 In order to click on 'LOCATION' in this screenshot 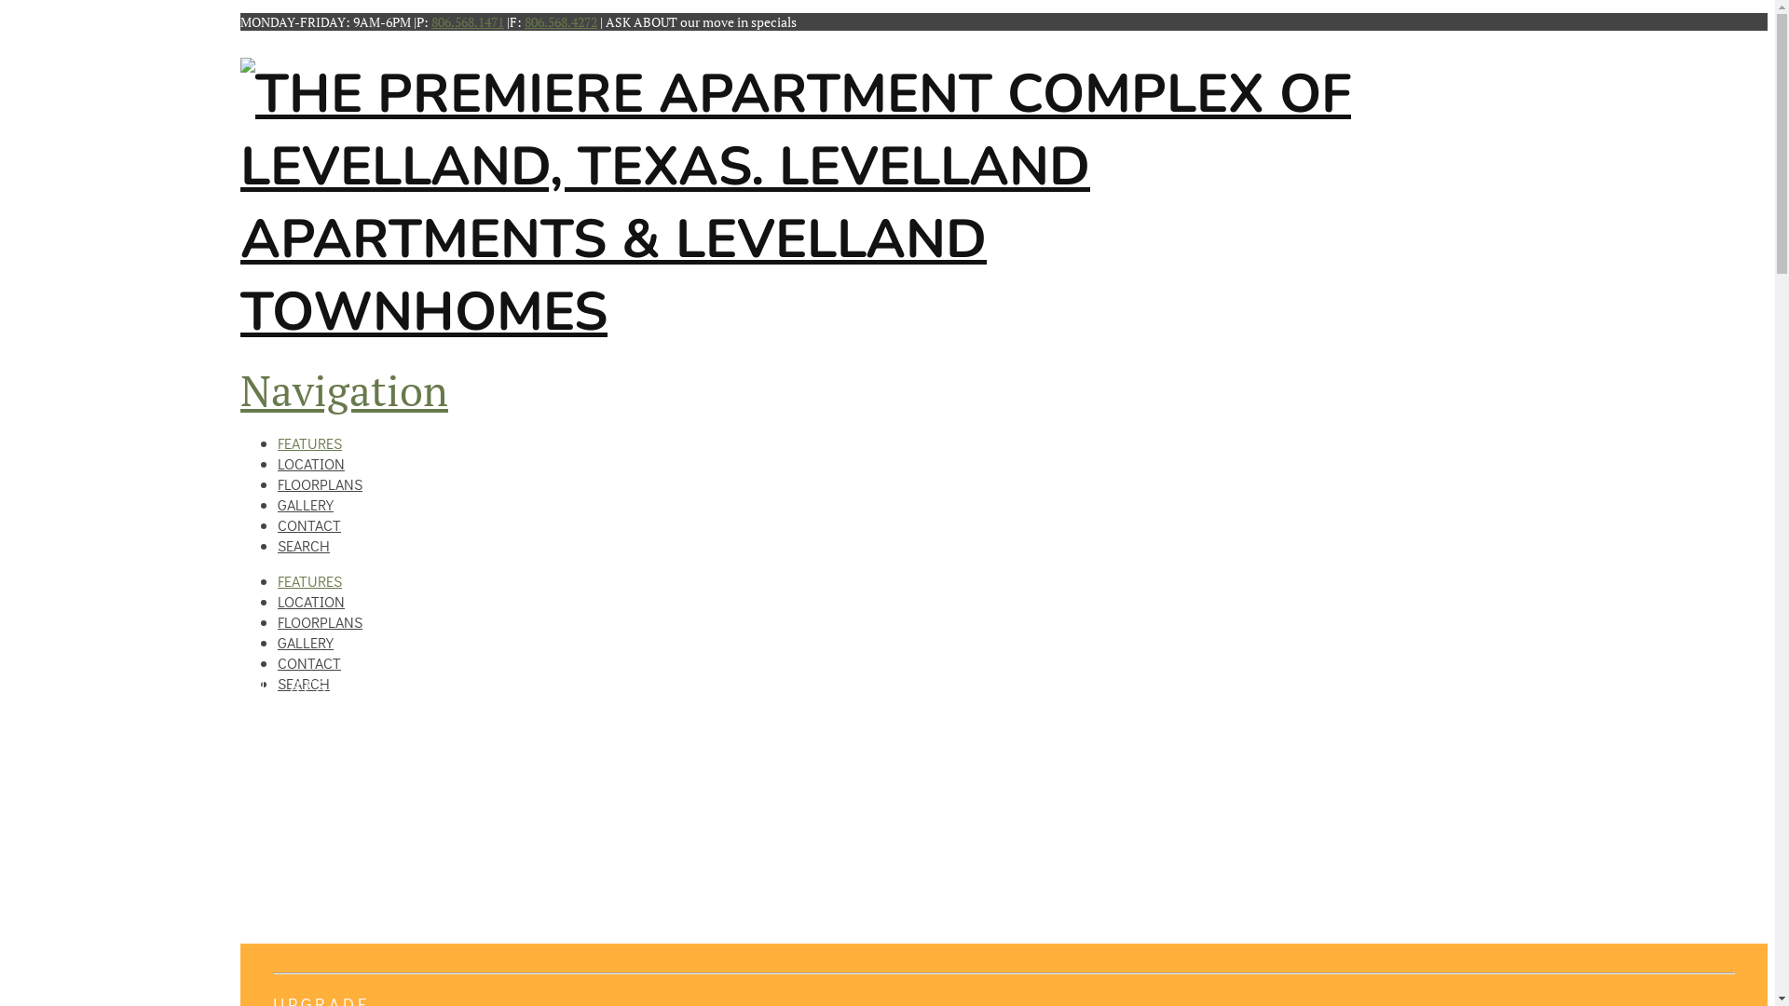, I will do `click(311, 457)`.